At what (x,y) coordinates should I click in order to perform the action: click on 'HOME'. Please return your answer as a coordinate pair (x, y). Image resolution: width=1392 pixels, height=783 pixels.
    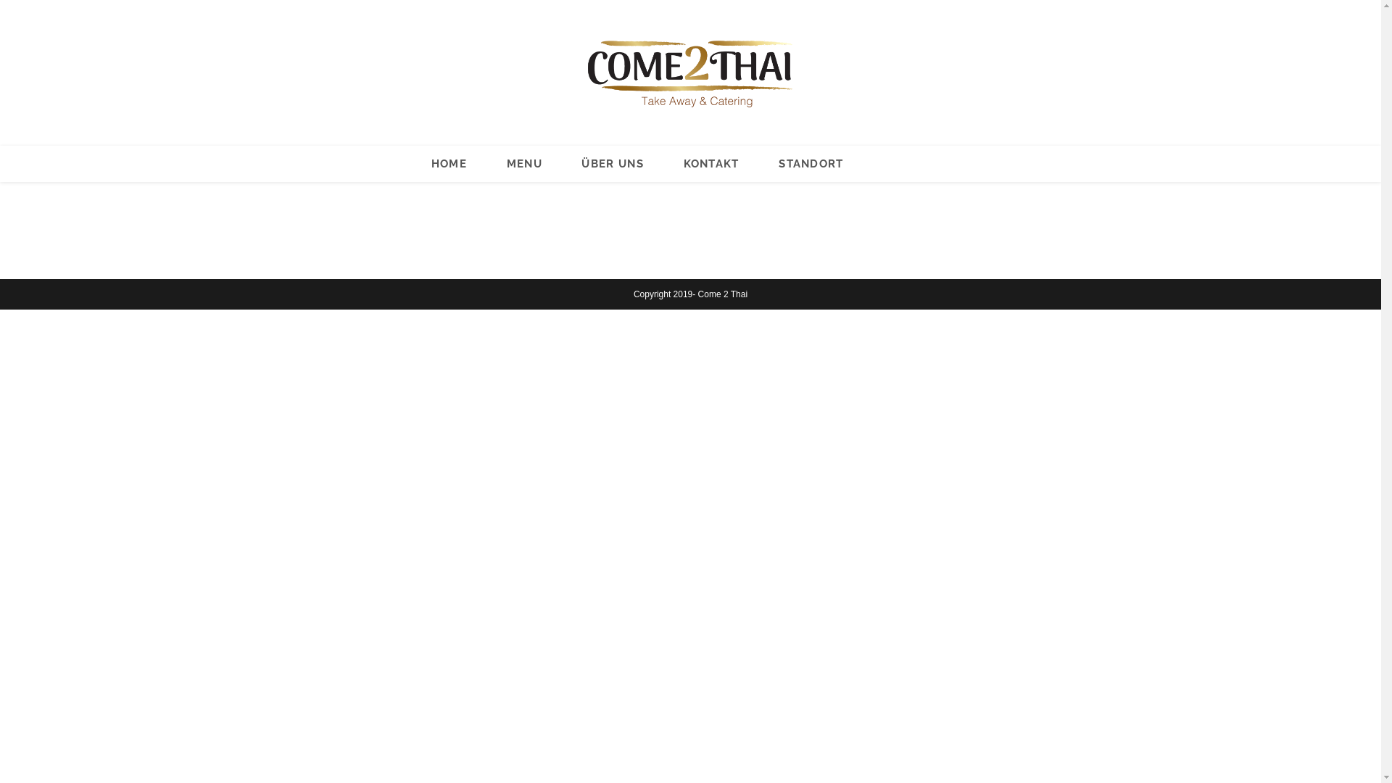
    Looking at the image, I should click on (448, 163).